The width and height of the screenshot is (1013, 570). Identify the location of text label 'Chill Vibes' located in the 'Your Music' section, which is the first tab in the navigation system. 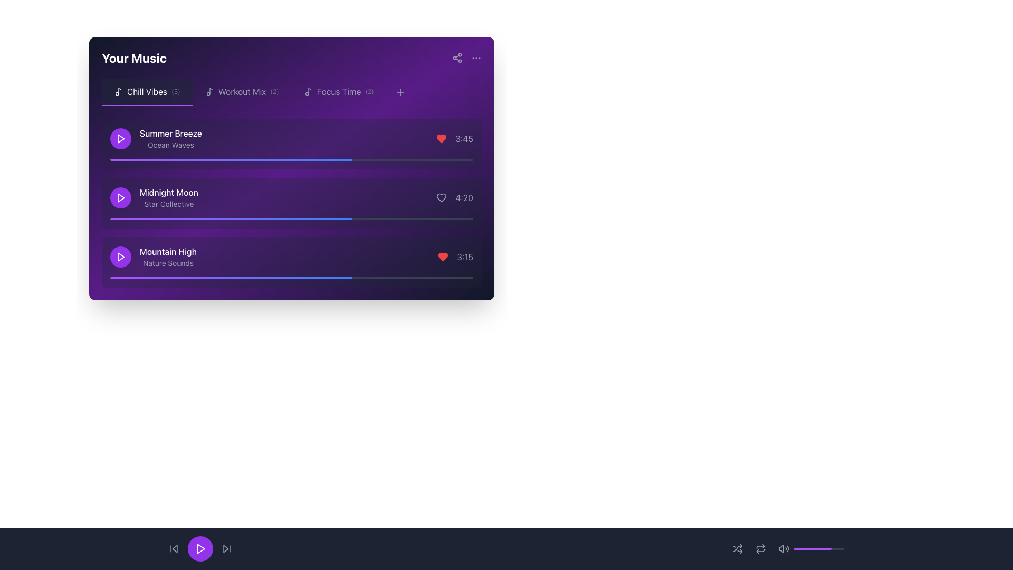
(146, 91).